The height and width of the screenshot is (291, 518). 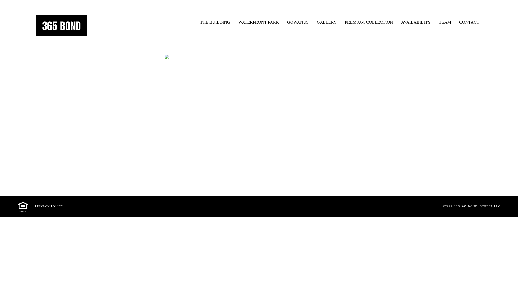 I want to click on 'THE BUILDING', so click(x=214, y=20).